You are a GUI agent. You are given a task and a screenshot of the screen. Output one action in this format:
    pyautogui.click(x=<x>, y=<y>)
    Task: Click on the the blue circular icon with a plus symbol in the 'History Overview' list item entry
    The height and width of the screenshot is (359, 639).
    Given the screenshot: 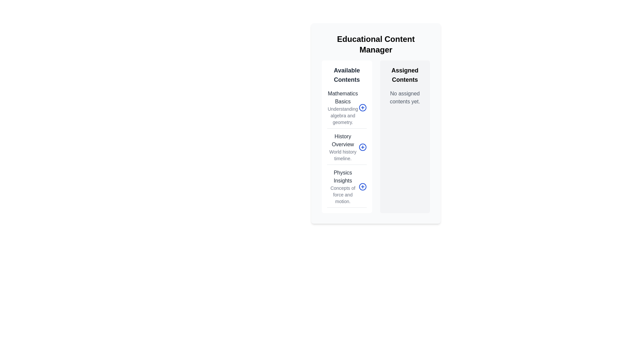 What is the action you would take?
    pyautogui.click(x=346, y=148)
    